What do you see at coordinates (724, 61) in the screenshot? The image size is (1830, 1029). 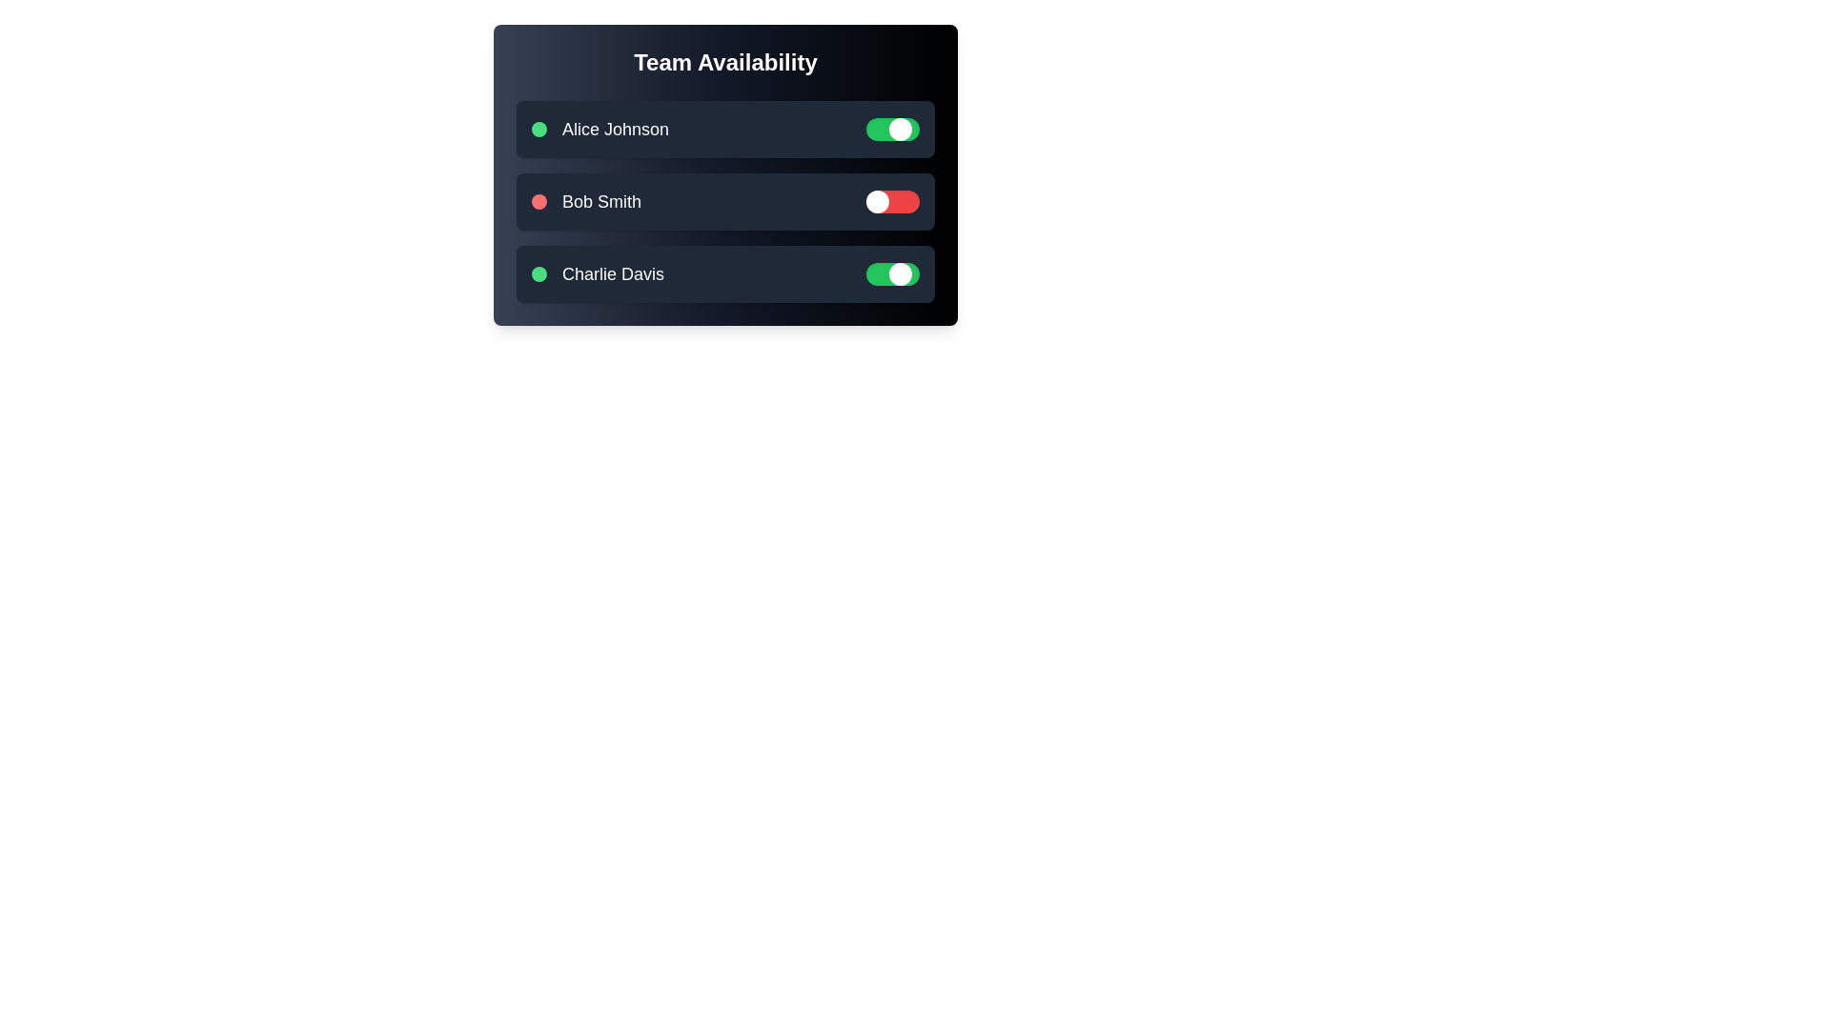 I see `the text 'Team Availability' and copy it to the clipboard` at bounding box center [724, 61].